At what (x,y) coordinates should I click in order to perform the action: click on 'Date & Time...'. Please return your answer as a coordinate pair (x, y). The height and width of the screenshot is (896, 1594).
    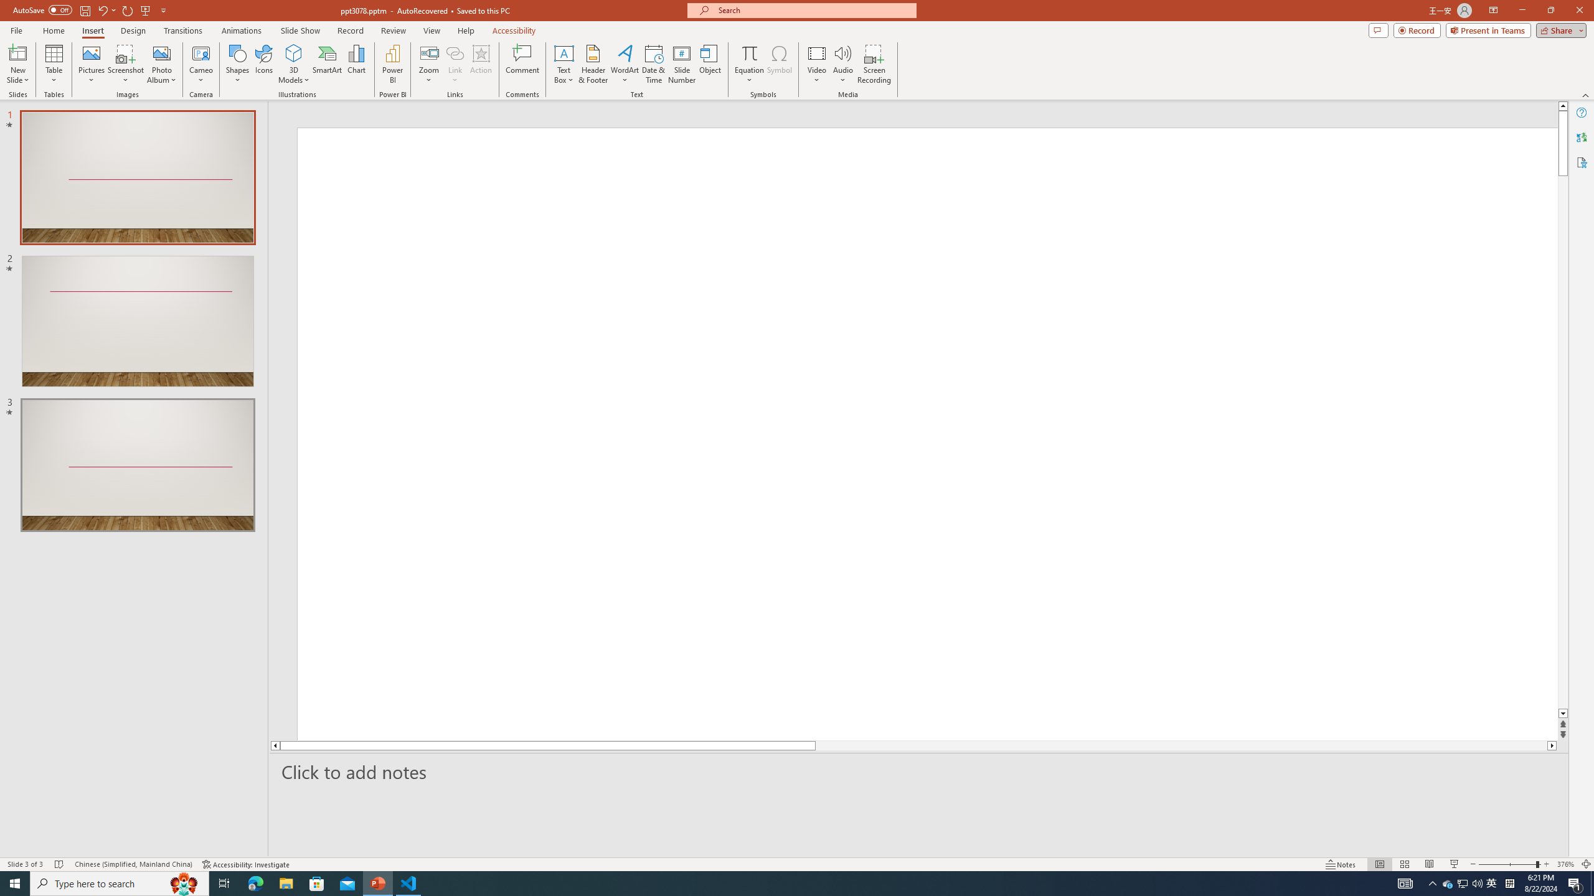
    Looking at the image, I should click on (653, 64).